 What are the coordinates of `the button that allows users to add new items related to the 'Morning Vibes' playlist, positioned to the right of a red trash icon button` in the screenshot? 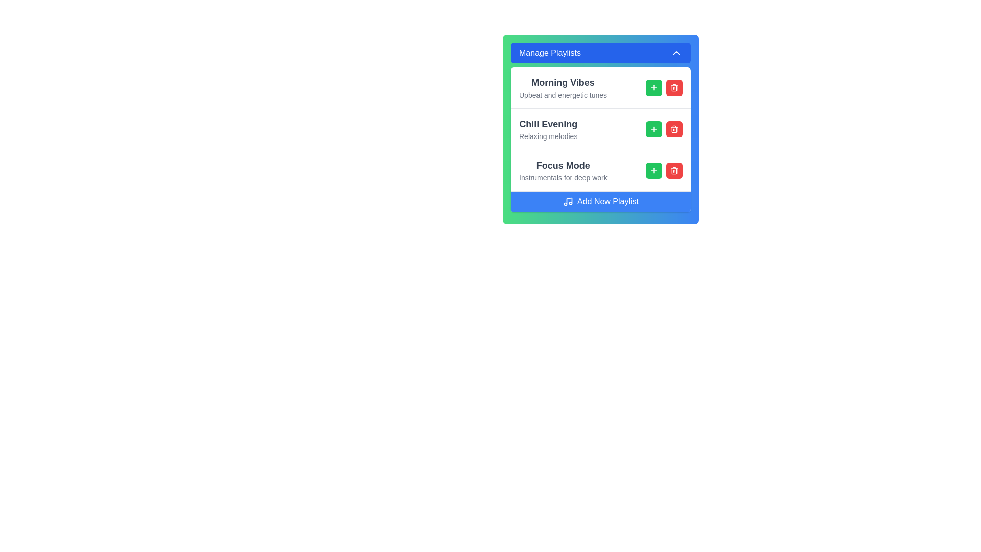 It's located at (654, 87).